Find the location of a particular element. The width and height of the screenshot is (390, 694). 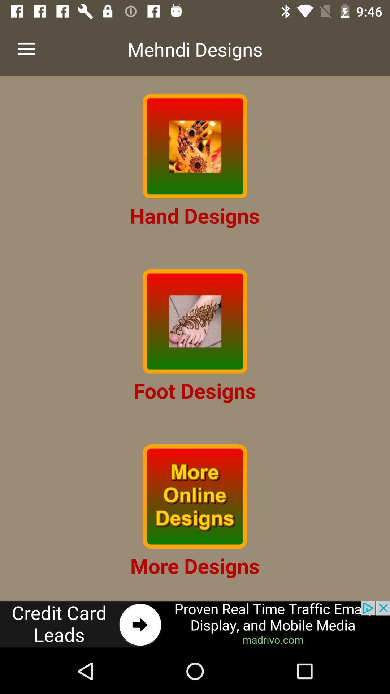

more online designs is located at coordinates (194, 496).